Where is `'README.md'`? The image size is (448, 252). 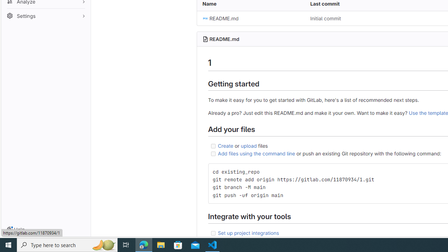
'README.md' is located at coordinates (251, 18).